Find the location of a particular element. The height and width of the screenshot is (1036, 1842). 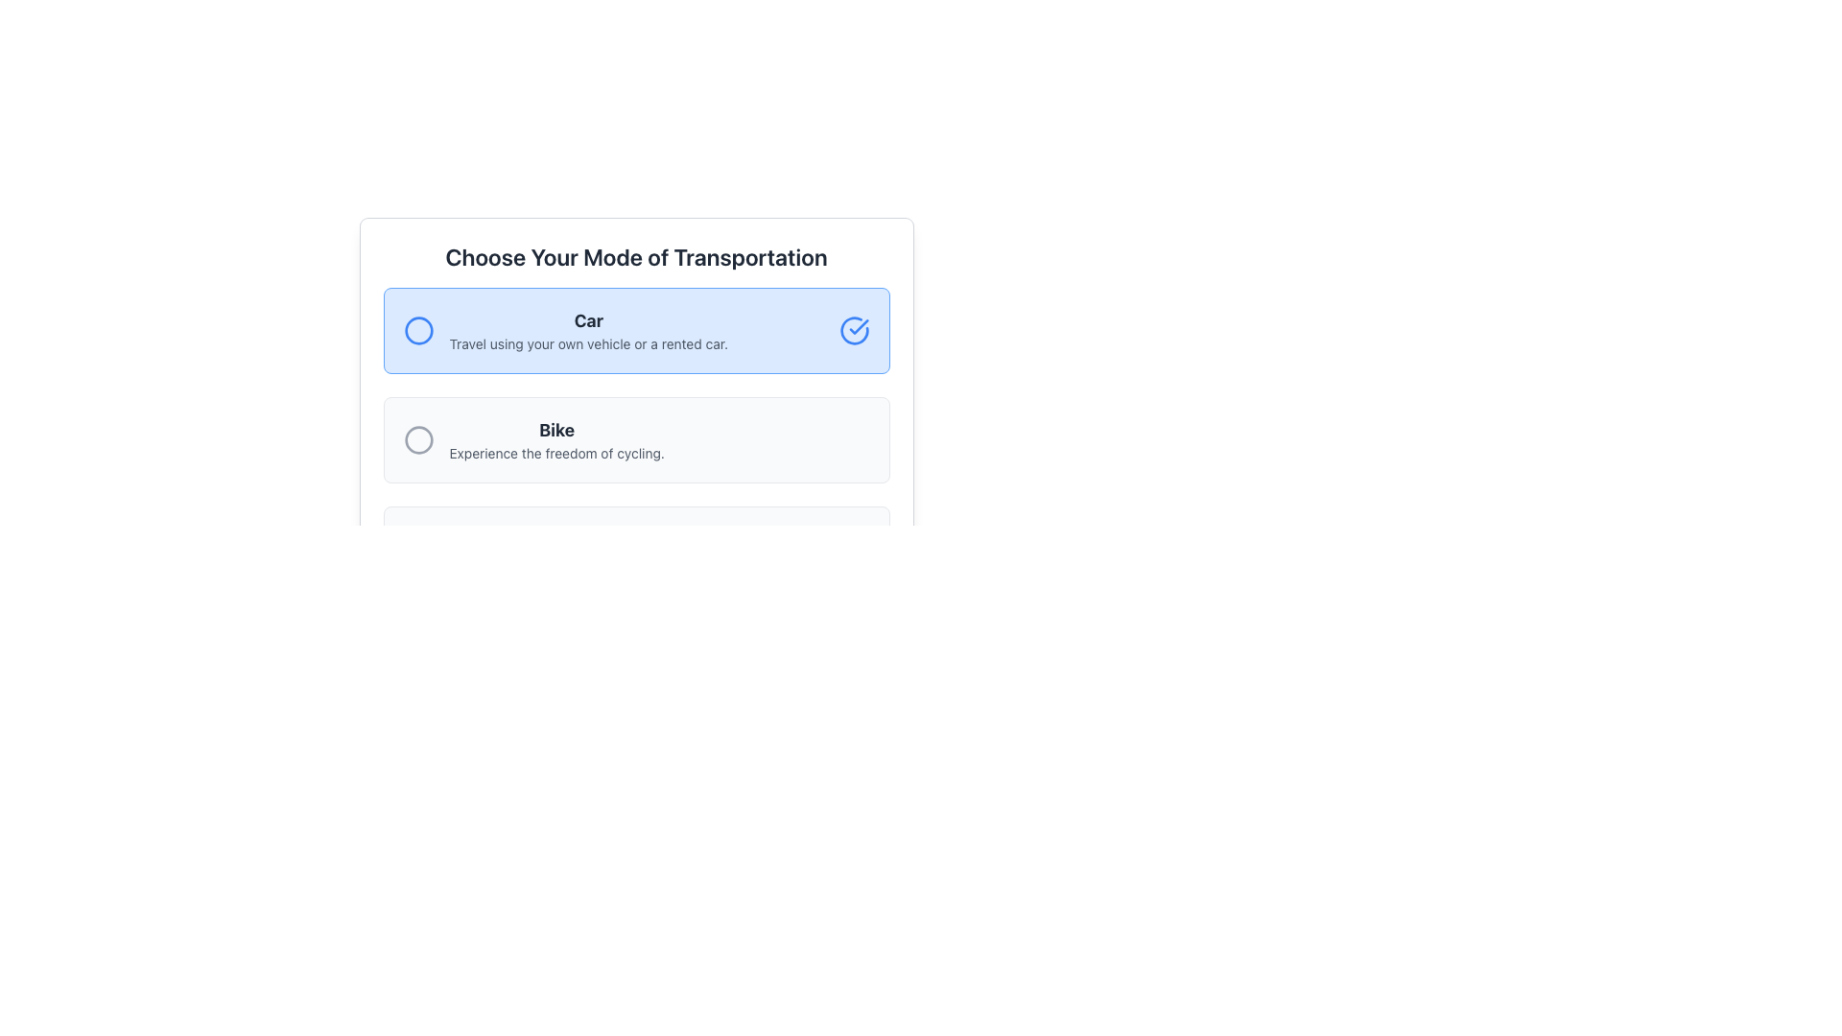

the interactive icon (circle) that serves as a selection marker for the 'Bike' option, located at the center of the left side of the choice block labeled 'Bike' is located at coordinates (417, 440).